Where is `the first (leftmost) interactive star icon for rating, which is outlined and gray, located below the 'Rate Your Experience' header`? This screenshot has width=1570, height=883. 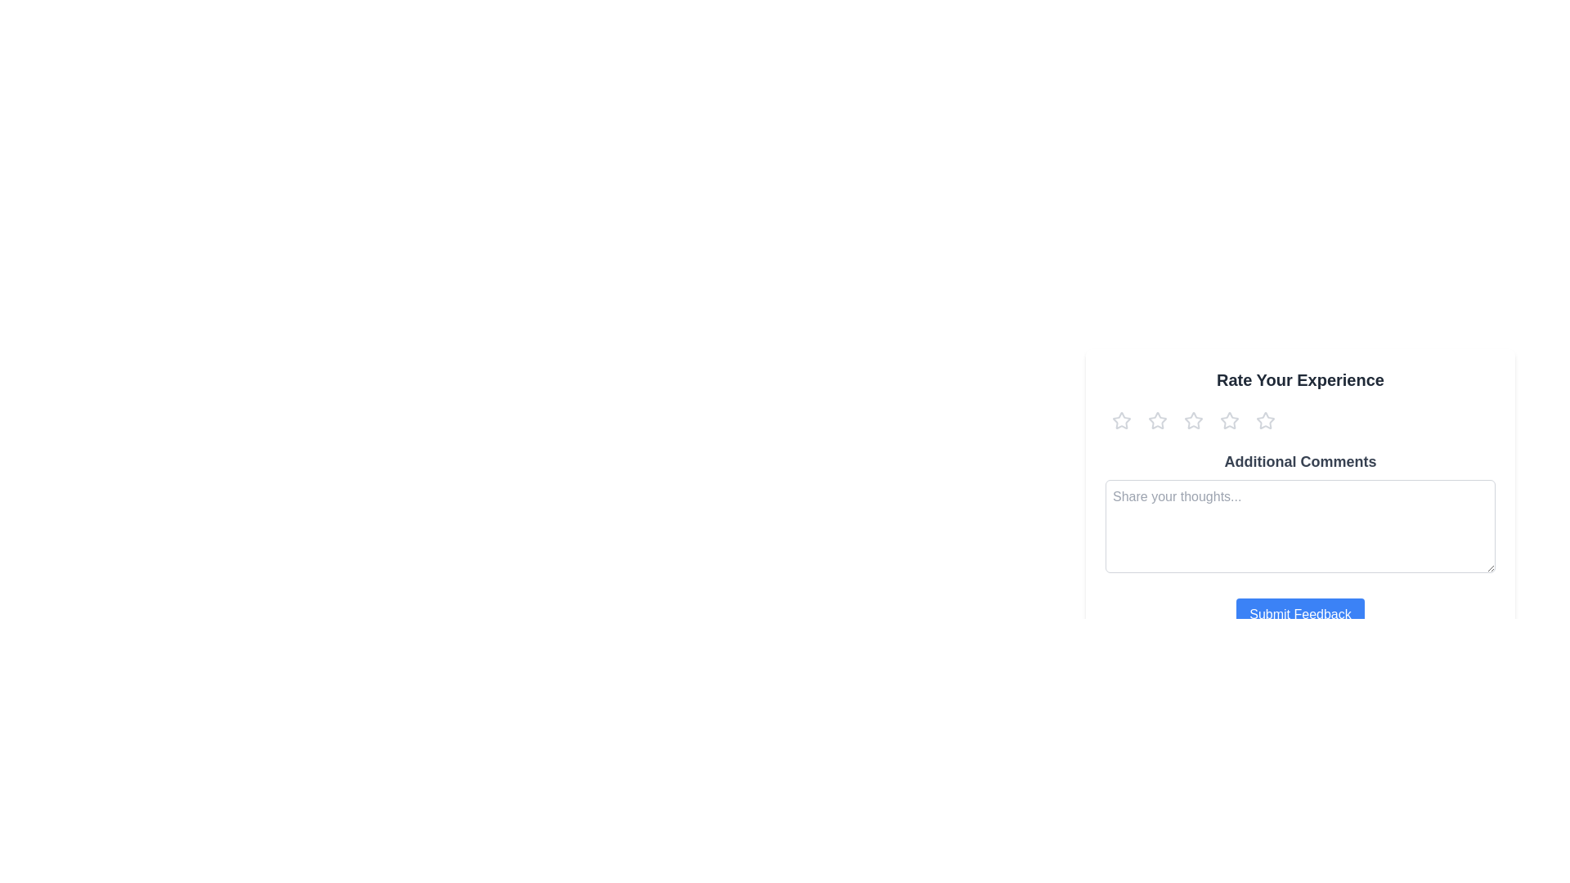
the first (leftmost) interactive star icon for rating, which is outlined and gray, located below the 'Rate Your Experience' header is located at coordinates (1121, 420).